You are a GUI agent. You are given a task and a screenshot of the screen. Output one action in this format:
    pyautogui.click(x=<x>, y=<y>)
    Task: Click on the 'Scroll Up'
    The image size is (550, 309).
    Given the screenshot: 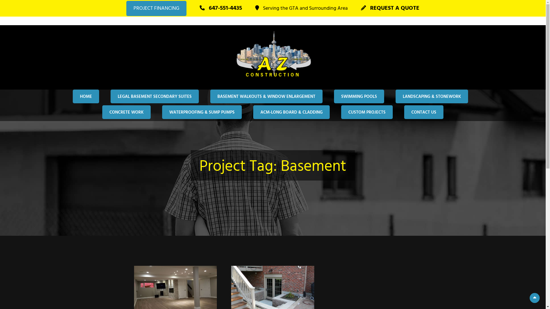 What is the action you would take?
    pyautogui.click(x=534, y=298)
    